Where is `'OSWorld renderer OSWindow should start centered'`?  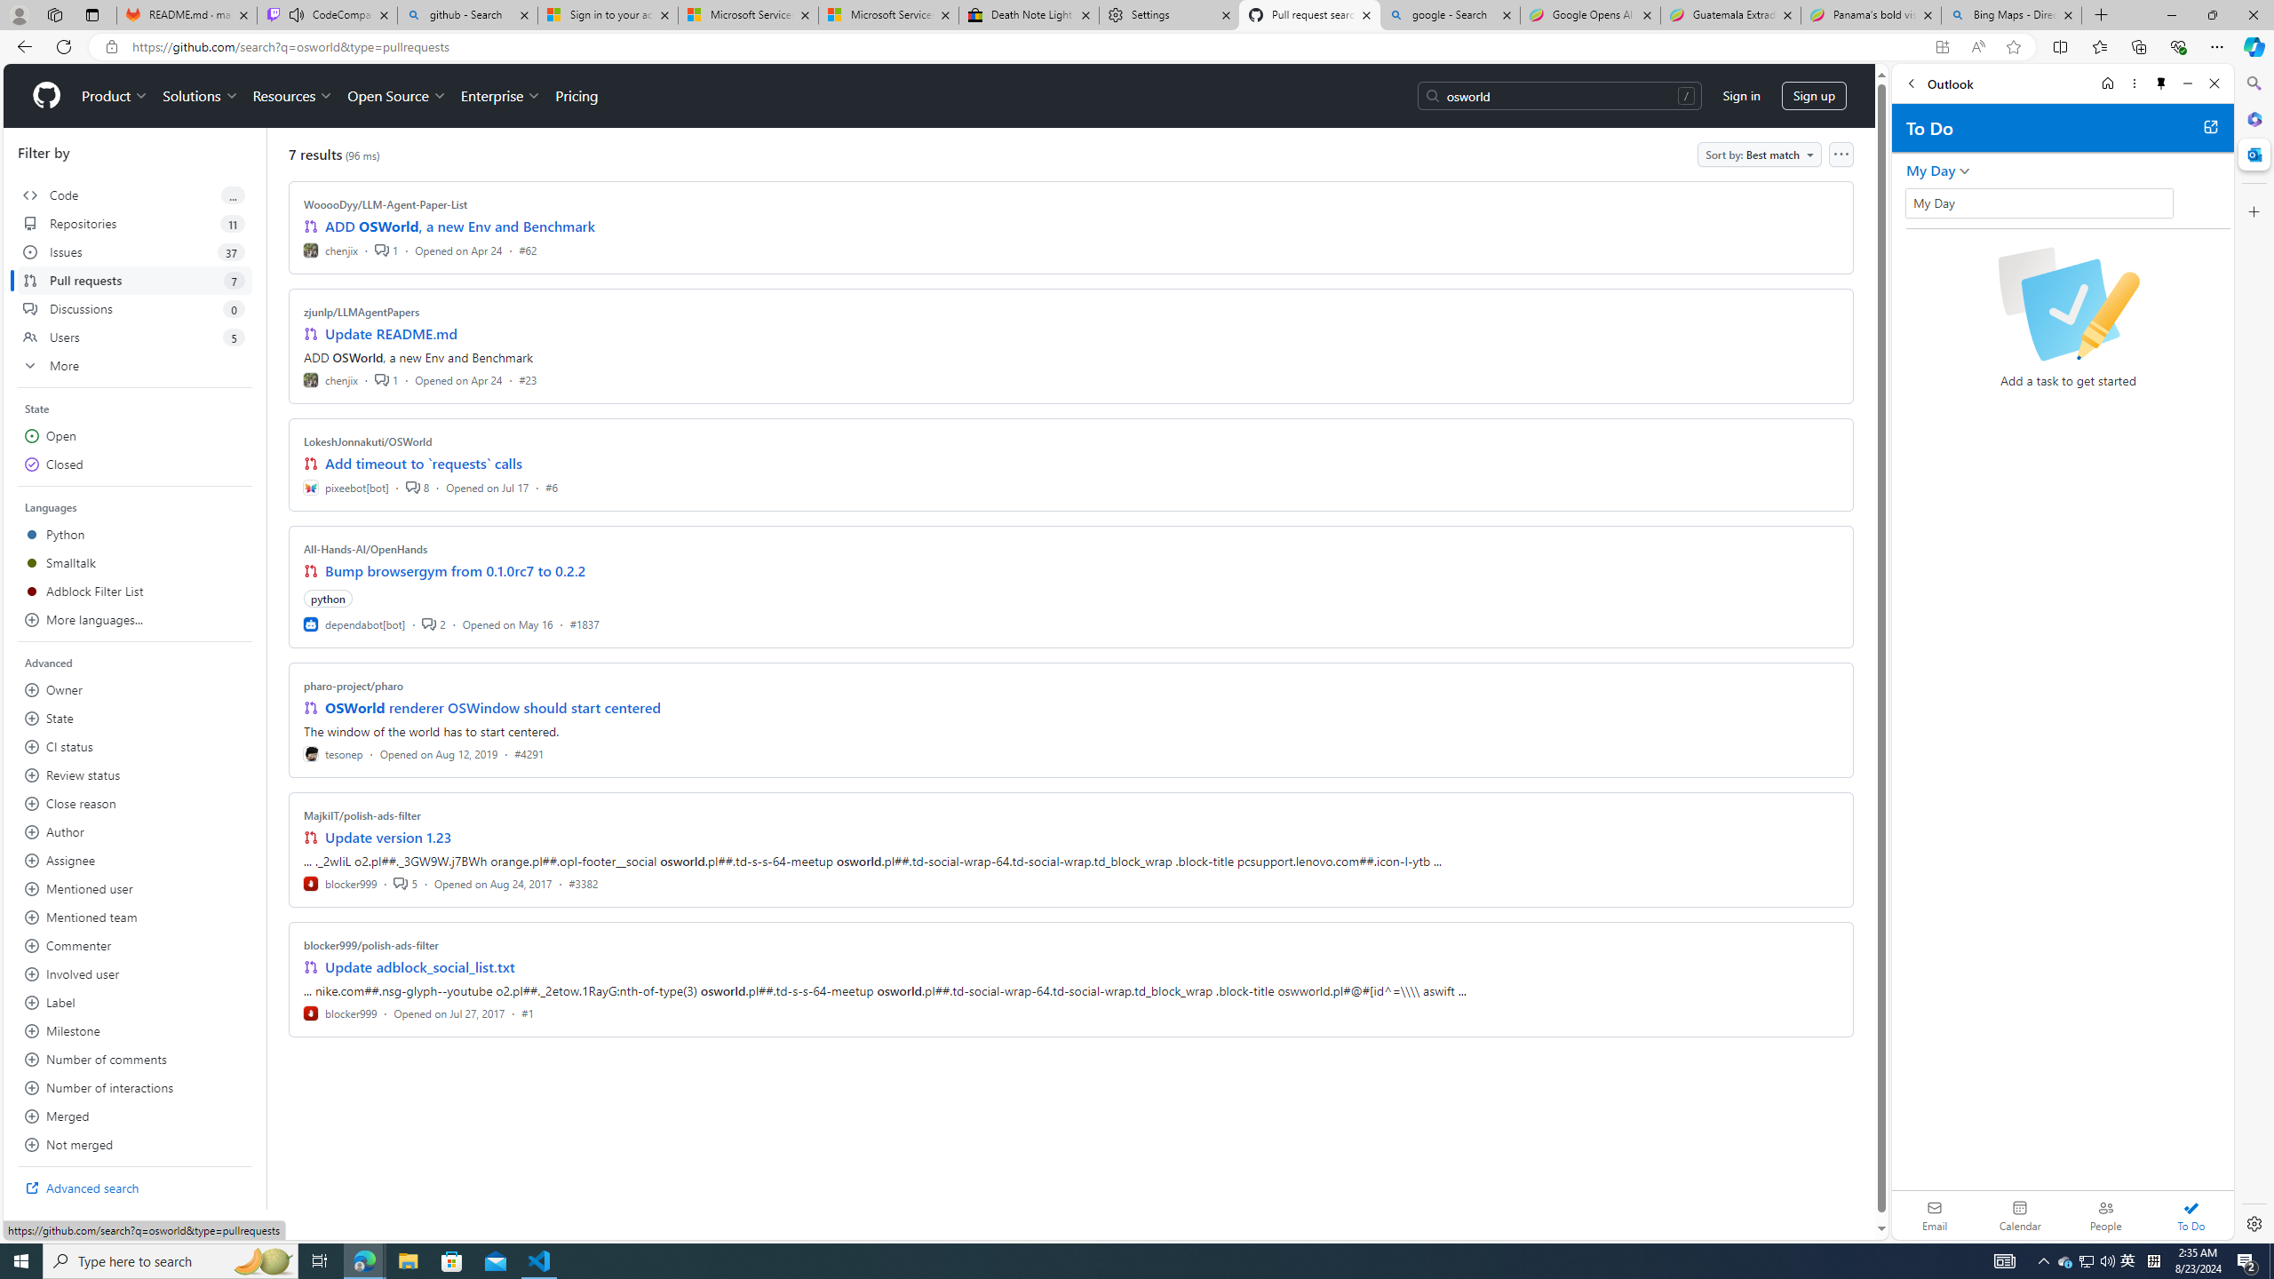
'OSWorld renderer OSWindow should start centered' is located at coordinates (492, 707).